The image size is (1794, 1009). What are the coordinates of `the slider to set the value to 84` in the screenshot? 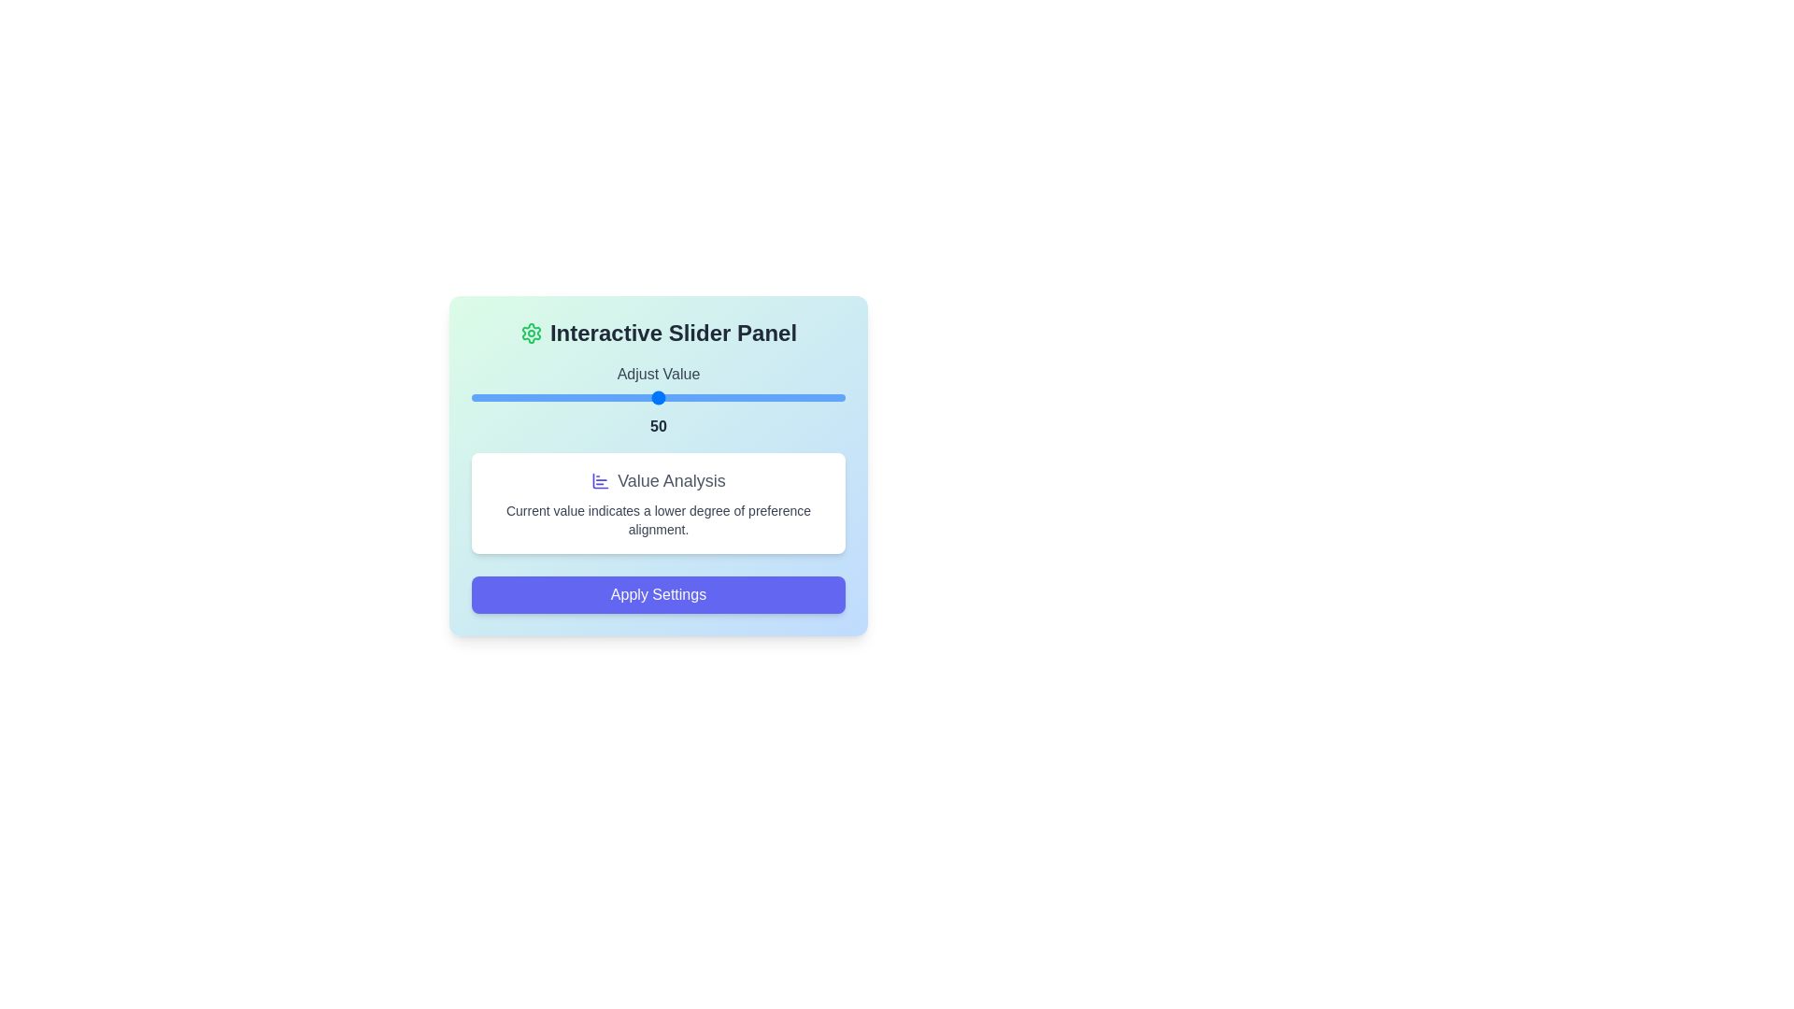 It's located at (785, 396).